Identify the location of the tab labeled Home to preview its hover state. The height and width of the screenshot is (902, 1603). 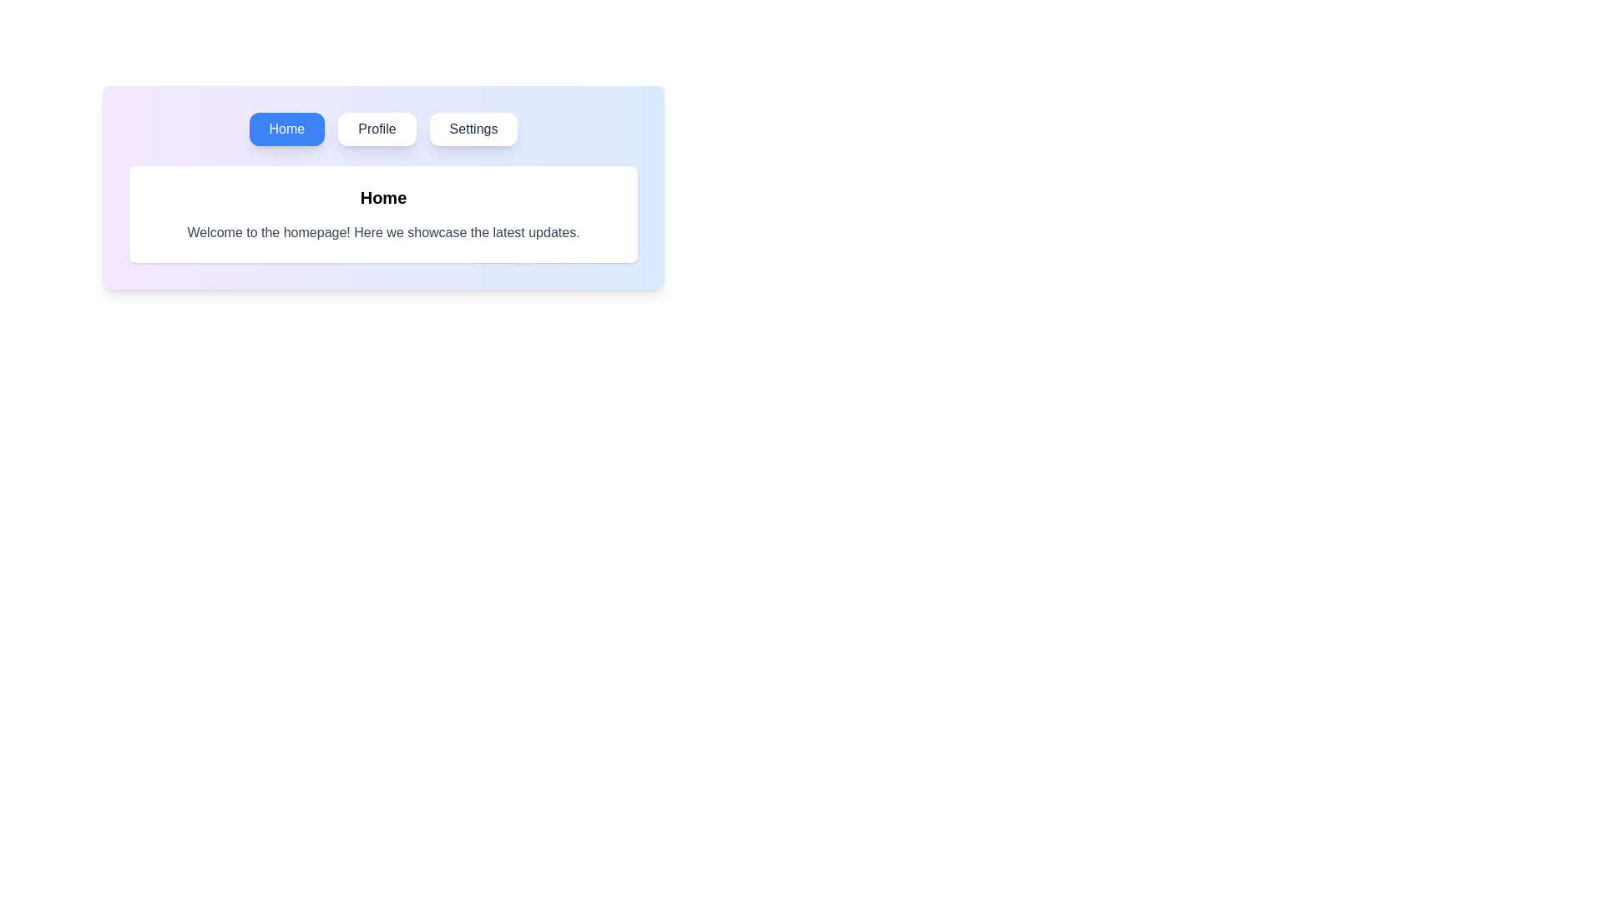
(286, 128).